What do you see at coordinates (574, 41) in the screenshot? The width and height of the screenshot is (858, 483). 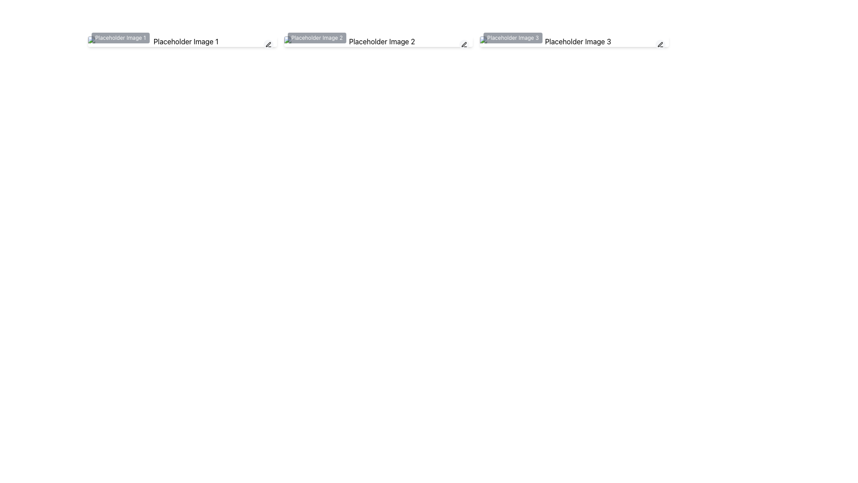 I see `the image placeholder labeled 'Placeholder Image 3'` at bounding box center [574, 41].